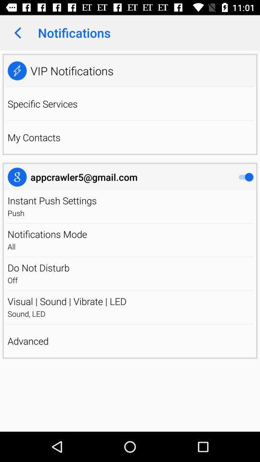  Describe the element at coordinates (17, 70) in the screenshot. I see `icon to the left of the vip notifications icon` at that location.